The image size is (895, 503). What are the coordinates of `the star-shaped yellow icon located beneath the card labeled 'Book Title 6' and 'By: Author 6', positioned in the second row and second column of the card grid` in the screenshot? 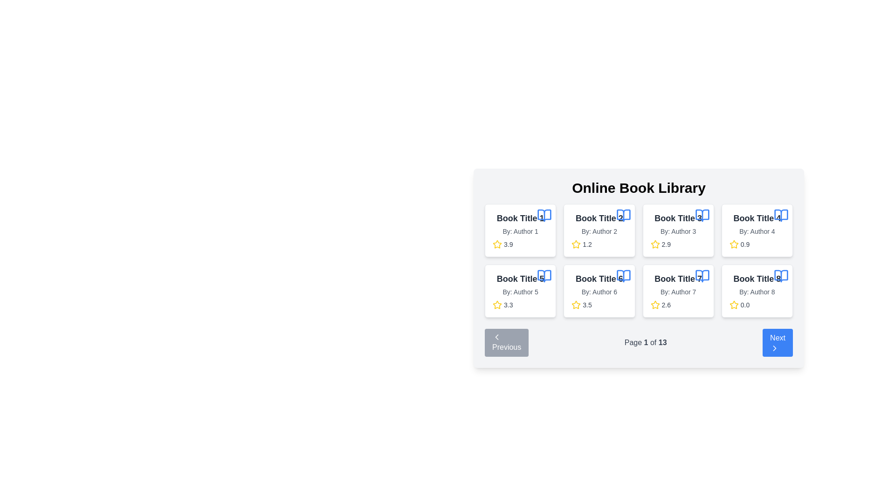 It's located at (576, 305).